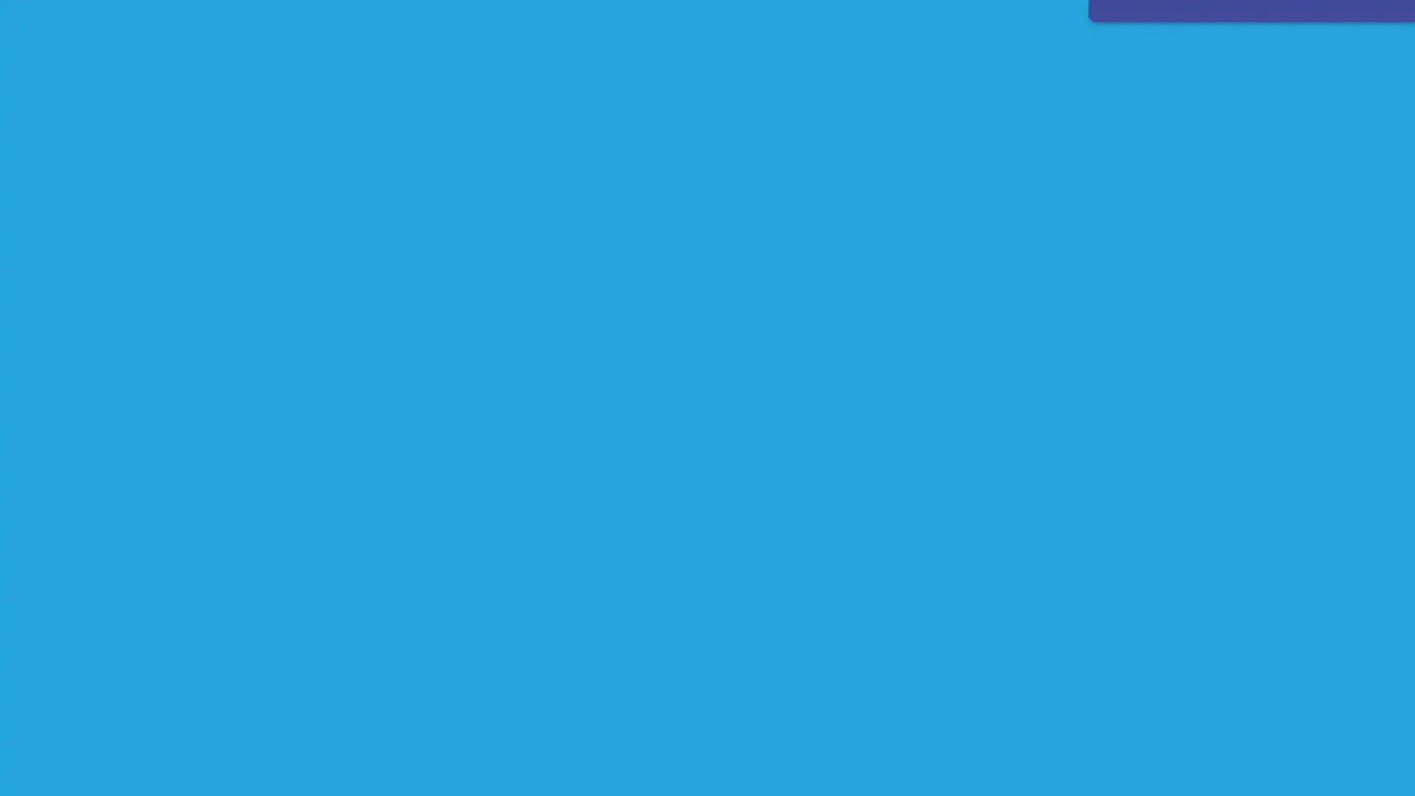 This screenshot has height=796, width=1415. Describe the element at coordinates (794, 47) in the screenshot. I see `SUBSCRIBE` at that location.